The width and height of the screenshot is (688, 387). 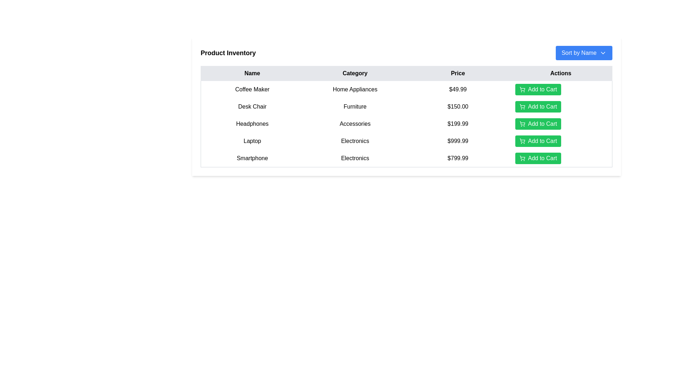 What do you see at coordinates (355, 89) in the screenshot?
I see `text label displaying 'Home Appliances', which is centered within the 'Category' column of the table under the 'Coffee Maker' row` at bounding box center [355, 89].